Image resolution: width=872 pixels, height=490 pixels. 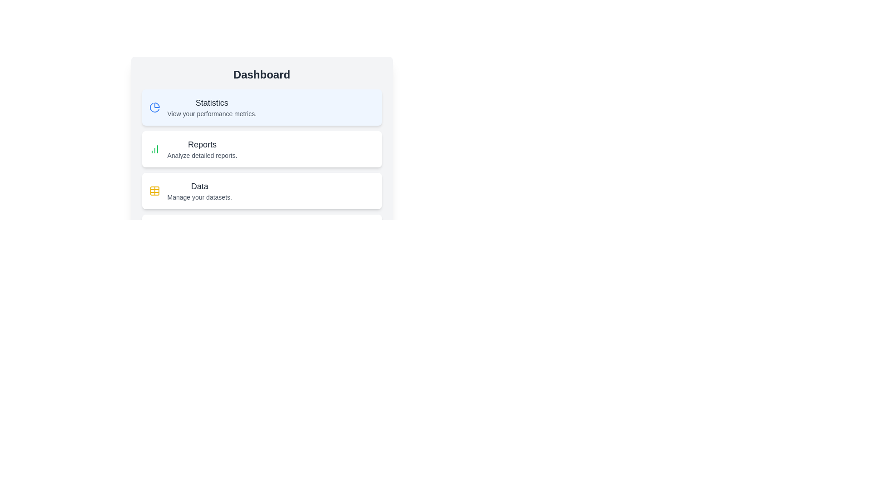 What do you see at coordinates (154, 107) in the screenshot?
I see `the section icon corresponding to Statistics` at bounding box center [154, 107].